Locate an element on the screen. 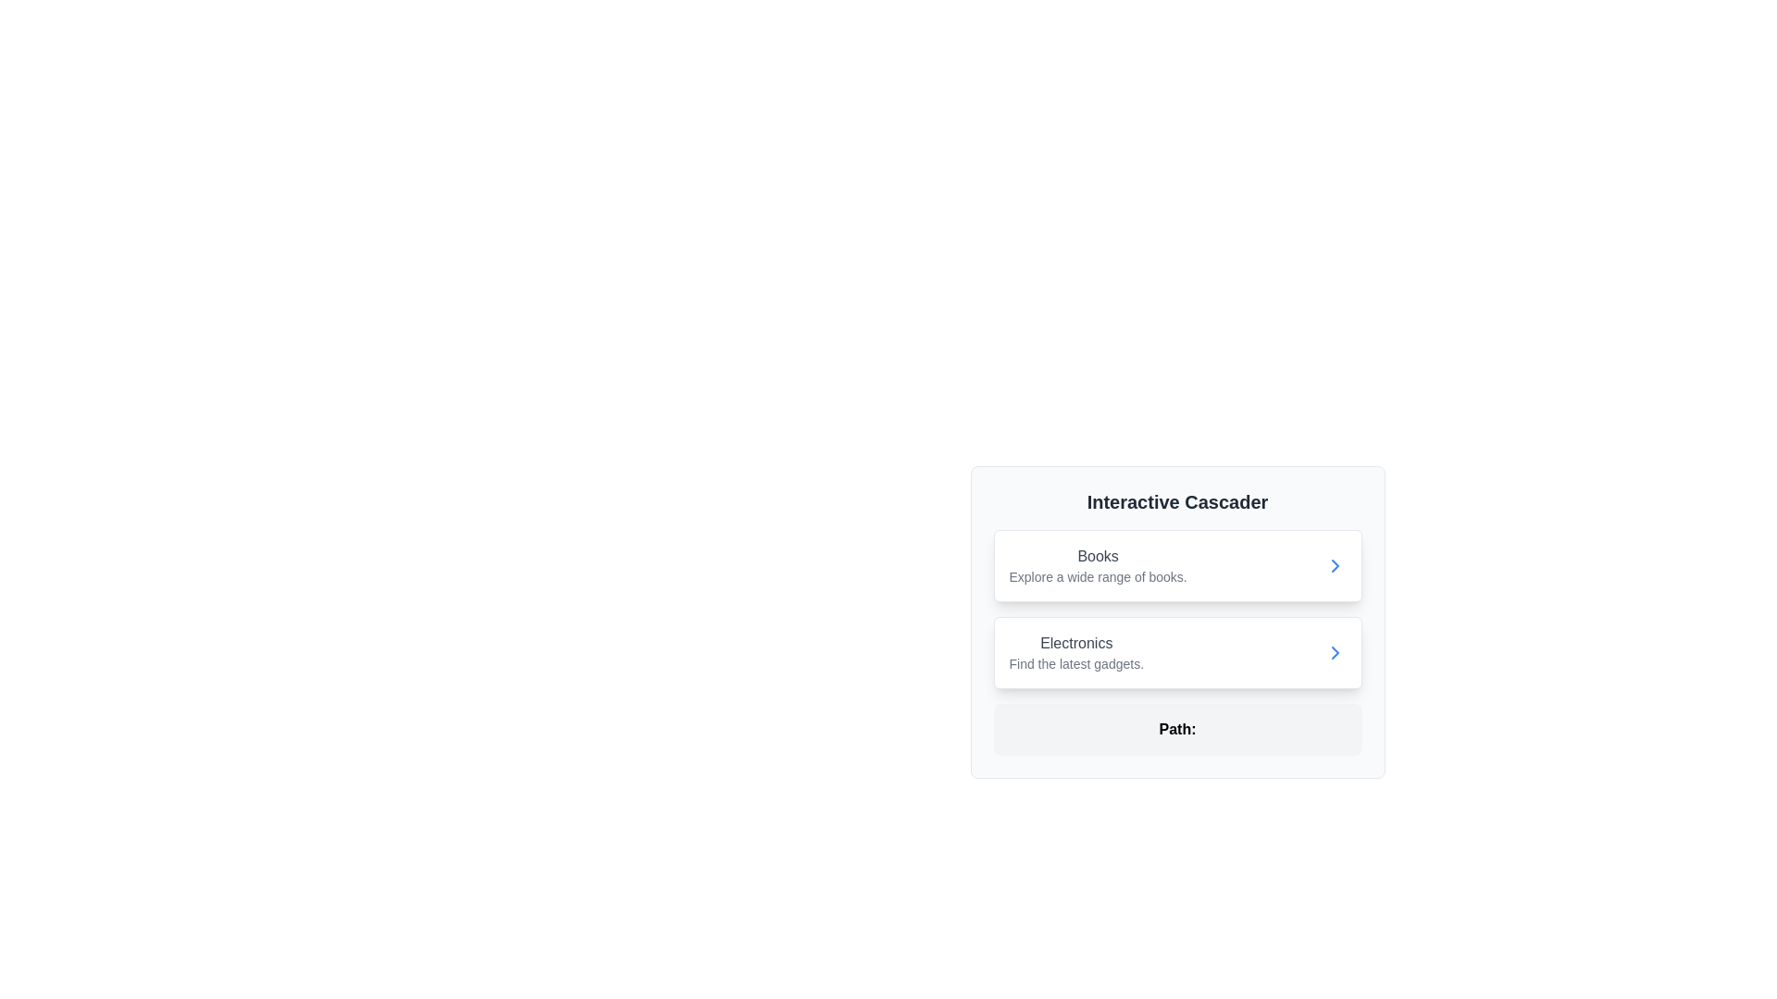  the descriptive text label located below the 'Electronics' section, which provides additional context for that section is located at coordinates (1076, 662).